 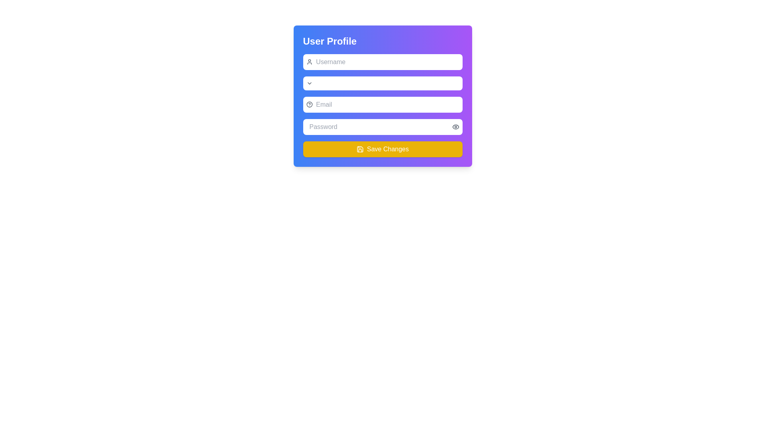 What do you see at coordinates (309, 83) in the screenshot?
I see `the chevron icon next to 'Select Role'` at bounding box center [309, 83].